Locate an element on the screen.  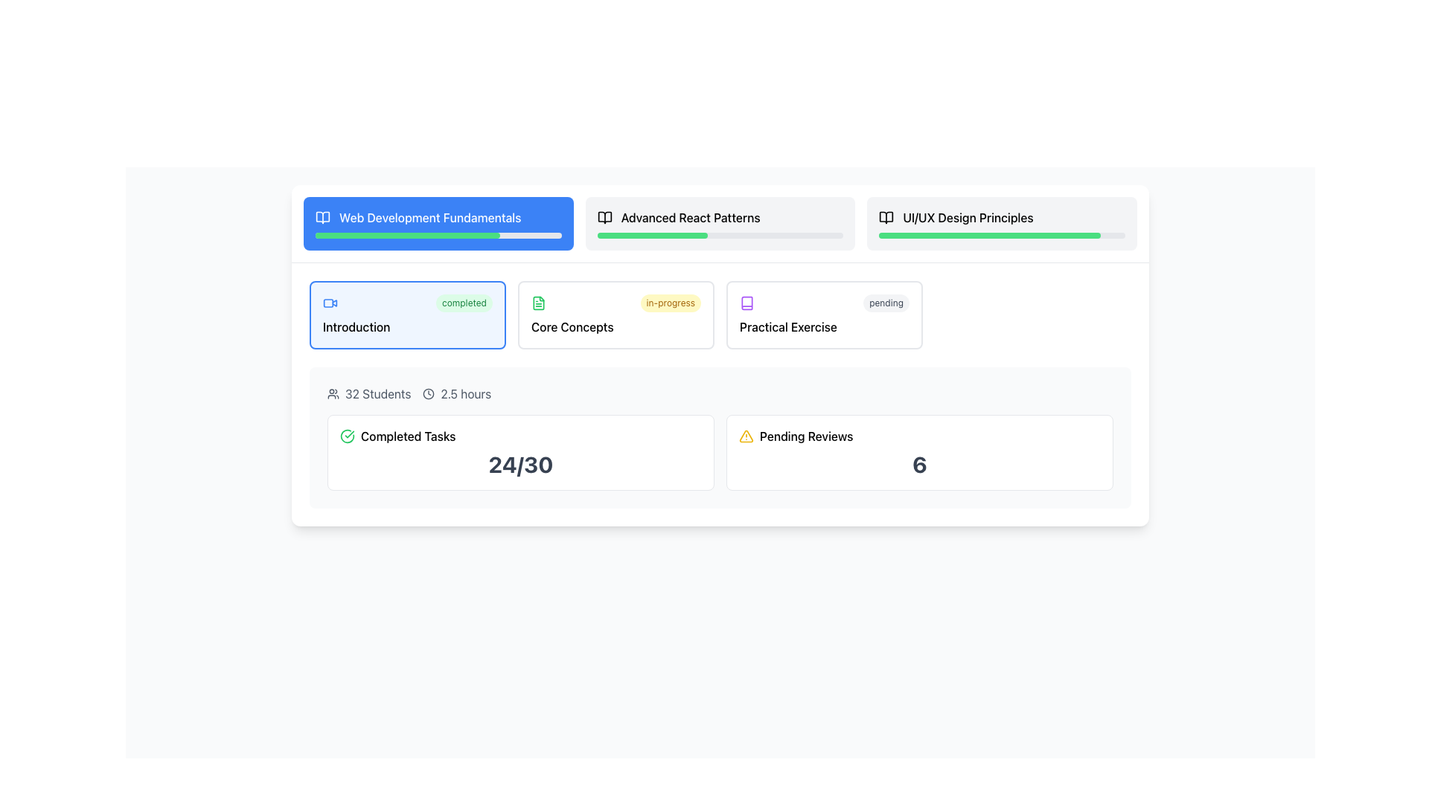
the curved line element within the SVG graphic that visually represents a completed task indicator, positioned as the left component of a circular graphic alongside a green checkmark is located at coordinates (346, 435).